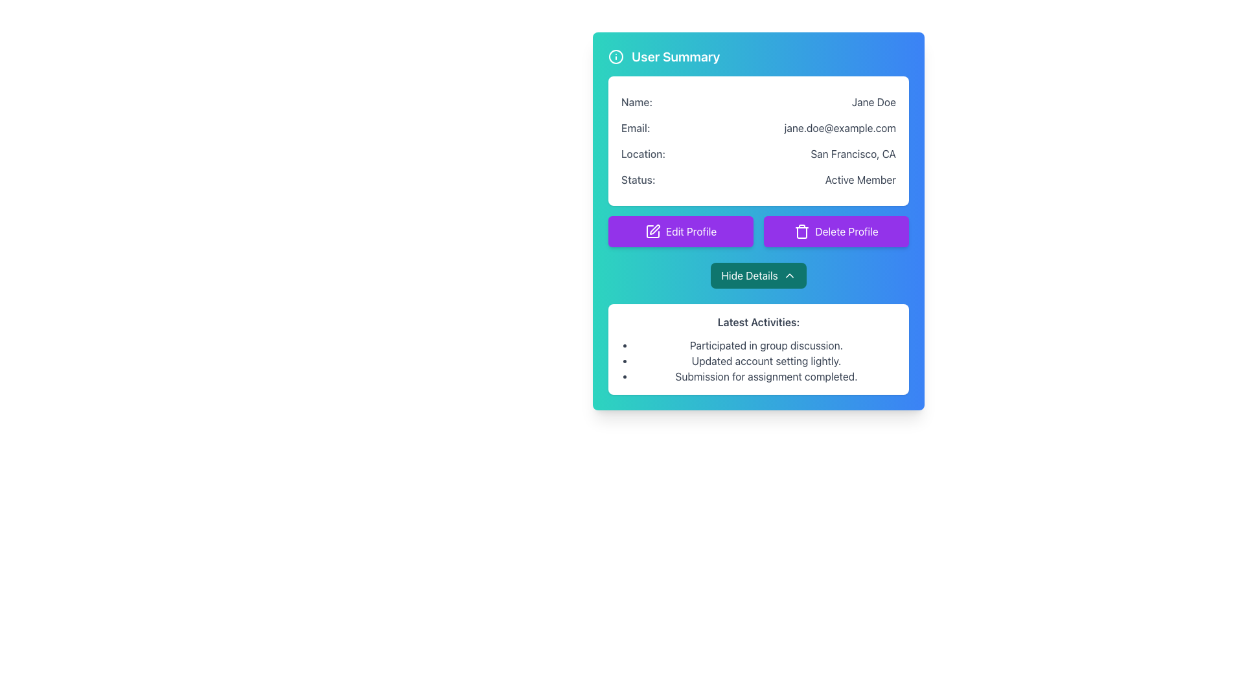 The height and width of the screenshot is (699, 1244). Describe the element at coordinates (615, 56) in the screenshot. I see `the icon located in the upper-left corner of the 'User Summary' card, which precedes the 'User Summary' text` at that location.